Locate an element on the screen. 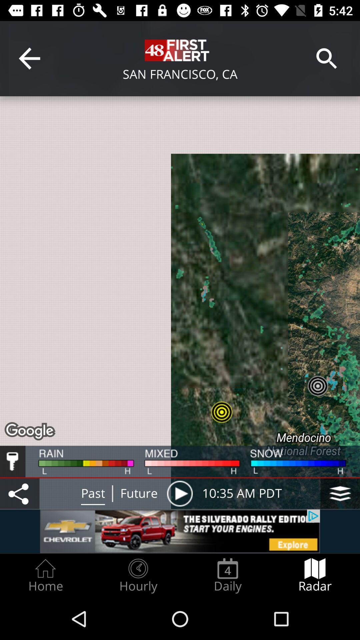 The image size is (360, 640). icon to the left of the 10 35 am is located at coordinates (179, 493).